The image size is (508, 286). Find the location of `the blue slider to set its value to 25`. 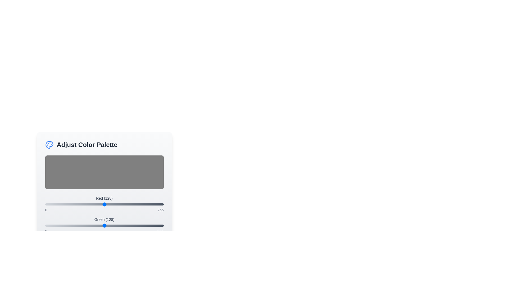

the blue slider to set its value to 25 is located at coordinates (57, 247).